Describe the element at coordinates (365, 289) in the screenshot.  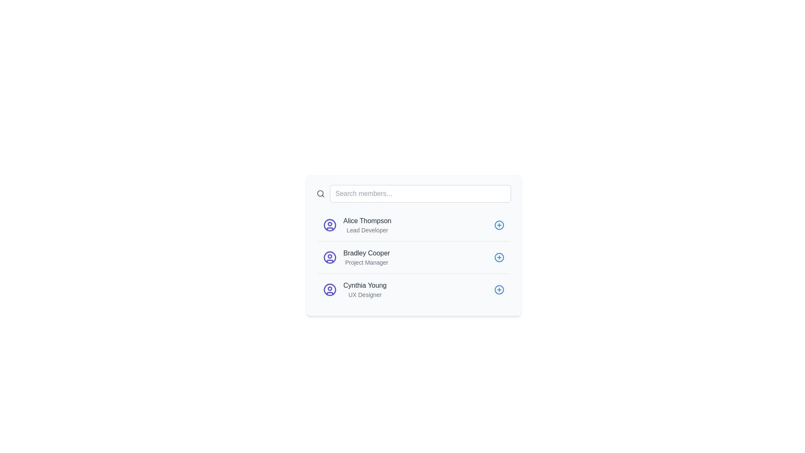
I see `the Information Display: Name and Role element showing 'Cynthia Young - UX Designer'` at that location.